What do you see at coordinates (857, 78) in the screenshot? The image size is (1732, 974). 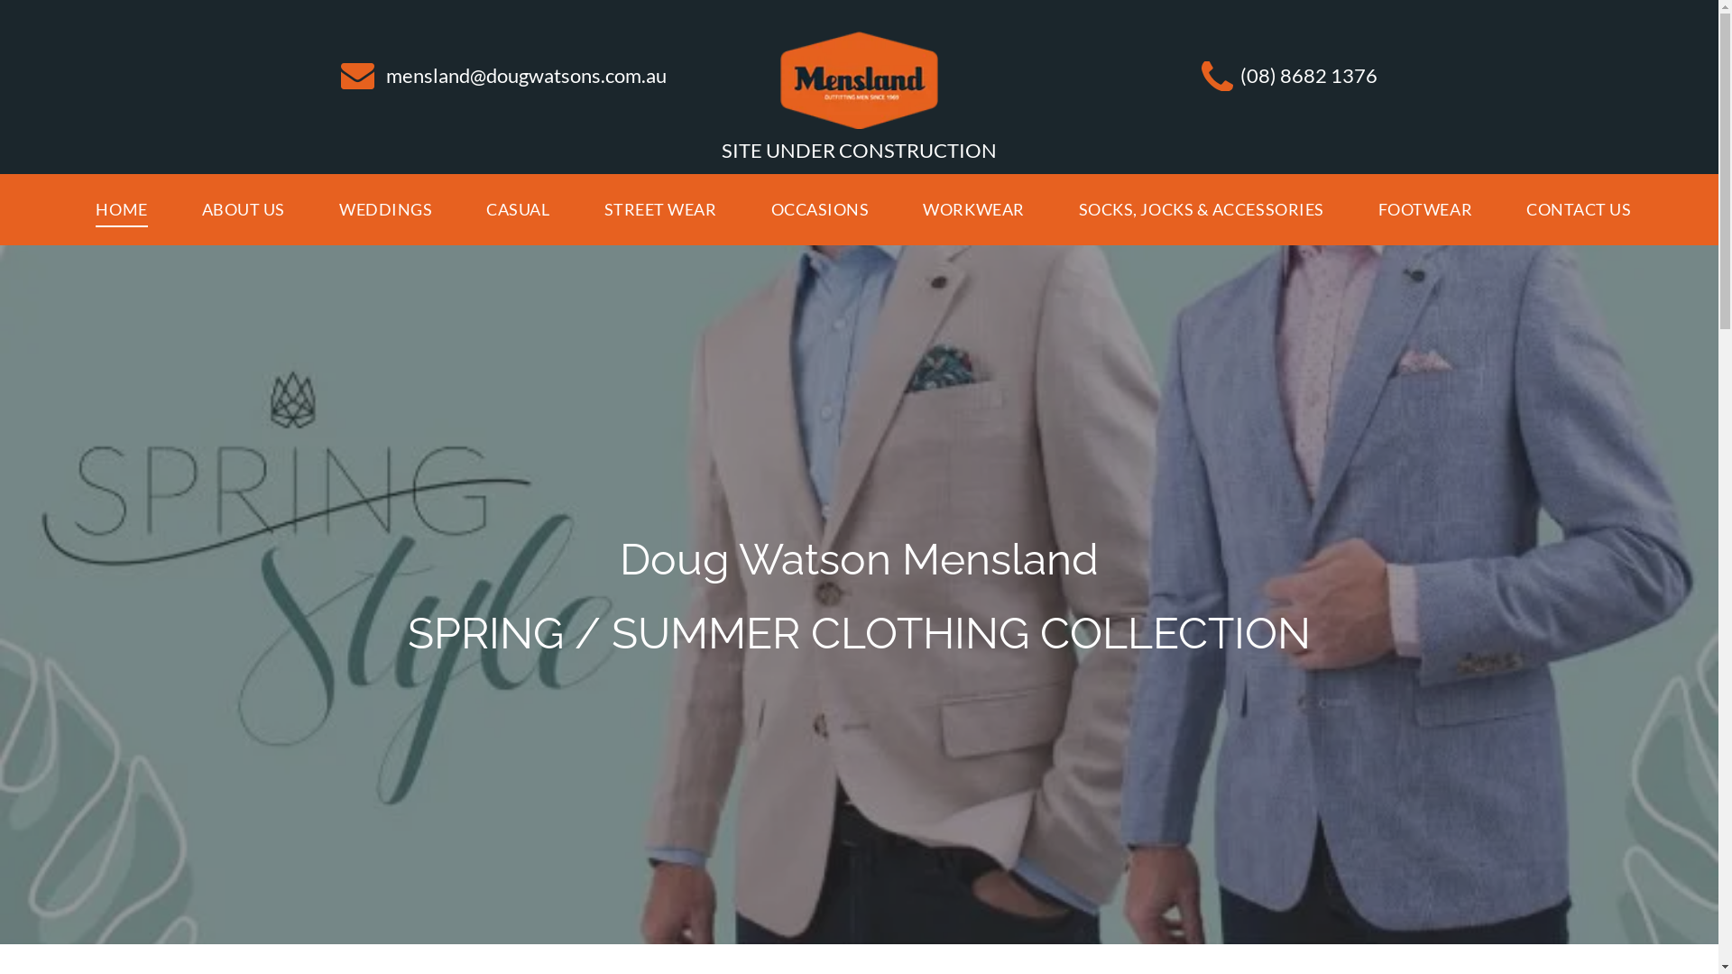 I see `'Mensland Logo'` at bounding box center [857, 78].